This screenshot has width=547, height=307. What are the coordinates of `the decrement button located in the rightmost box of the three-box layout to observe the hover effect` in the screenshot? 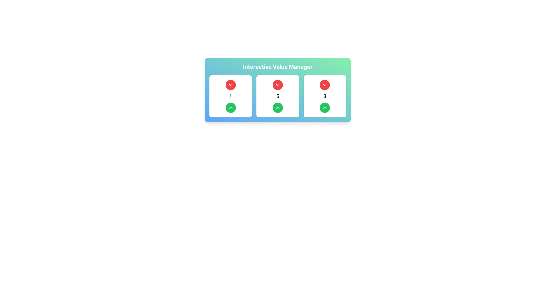 It's located at (325, 85).